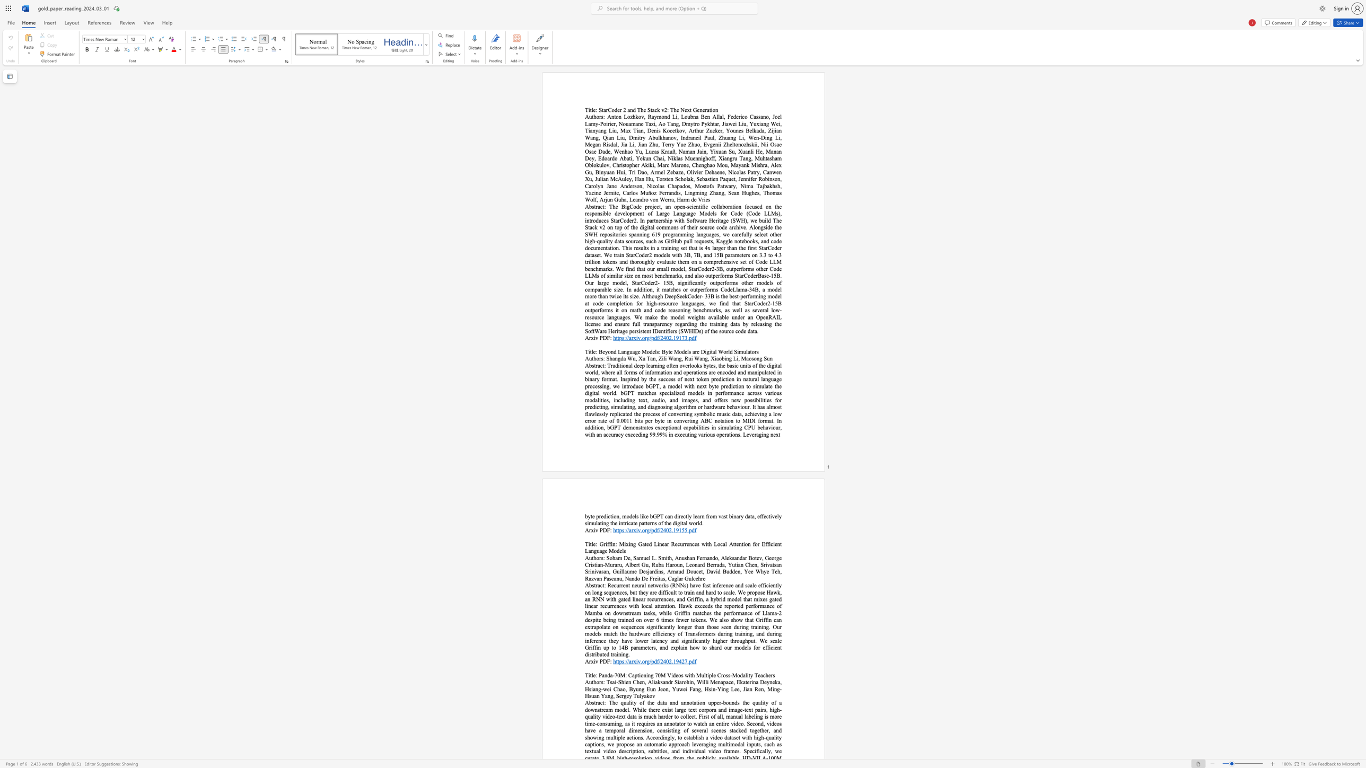  I want to click on the subset text "kov, Raymond Li, Loubna Ben Allal, Federico Cassano, Joel Lamy-Poirier, Nouamane Tazi, Ao Tang, Dmytro Pykhtar, Jiawei Liu, Yuxiang Wei, Tianyang Liu, Max Tian, Denis Kocetkov, Arthur Zucker, Younes Belkada, Zijian Wang, Qian Liu, Dmitry Abulkhanov, Indraneil Paul, Zhuang Li, Wen-Ding Li, Megan Risdal, Jia Li, Jian Zhu, Terry Yue Zhuo, Evgenii Zheltonozhskii, Nii Osae Osae Dade, Wenhao Yu, Lucas Krauß, Naman Jain, Yixuan Su, Xuanli He, Manan Dey, Edoardo Abati, Yekun Chai, Niklas Muennighoff, Xiangru Tang, Muhtasham Oblokulov, Christopher" within the text "Anton Lozhkov, Raymond Li, Loubna Ben Allal, Federico Cassano, Joel Lamy-Poirier, Nouamane Tazi, Ao Tang, Dmytro Pykhtar, Jiawei Liu, Yuxiang Wei, Tianyang Liu, Max Tian, Denis Kocetkov, Arthur Zucker, Younes Belkada, Zijian Wang, Qian Liu, Dmitry Abulkhanov, Indraneil Paul, Zhuang Li, Wen-Ding Li, Megan Risdal, Jia Li, Jian Zhu, Terry Yue Zhuo, Evgenii Zheltonozhskii, Nii Osae Osae Dade, Wenhao Yu, Lucas Krauß, Naman Jain, Yixuan Su, Xuanli He, Manan Dey, Edoardo Abati, Yekun Chai, Niklas Muennighoff, Xiangru Tang, Muhtasham Oblokulov, Christopher Akiki, Marc Marone, Chenghao Mou, Mayank Mishra, Alex Gu, Binyuan Hui, Tri Dao, Armel Zebaze, Olivier Dehaene, Nicolas Patry, Canwen Xu, Julian McAuley, Han Hu, Torsten Scholak, Sebastien Paquet, Jennifer Robinson, Carolyn Jane Anderson, Nicolas Chapados, Mostofa Patwary, Nima Tajbakhsh, Yacine Jernite, Carlos Muñoz Ferrandis, Lingming Zhang, Sean Hughes, Thomas Wolf, Arjun Guha, Leandro von Werra, Harm de Vries", so click(635, 116).